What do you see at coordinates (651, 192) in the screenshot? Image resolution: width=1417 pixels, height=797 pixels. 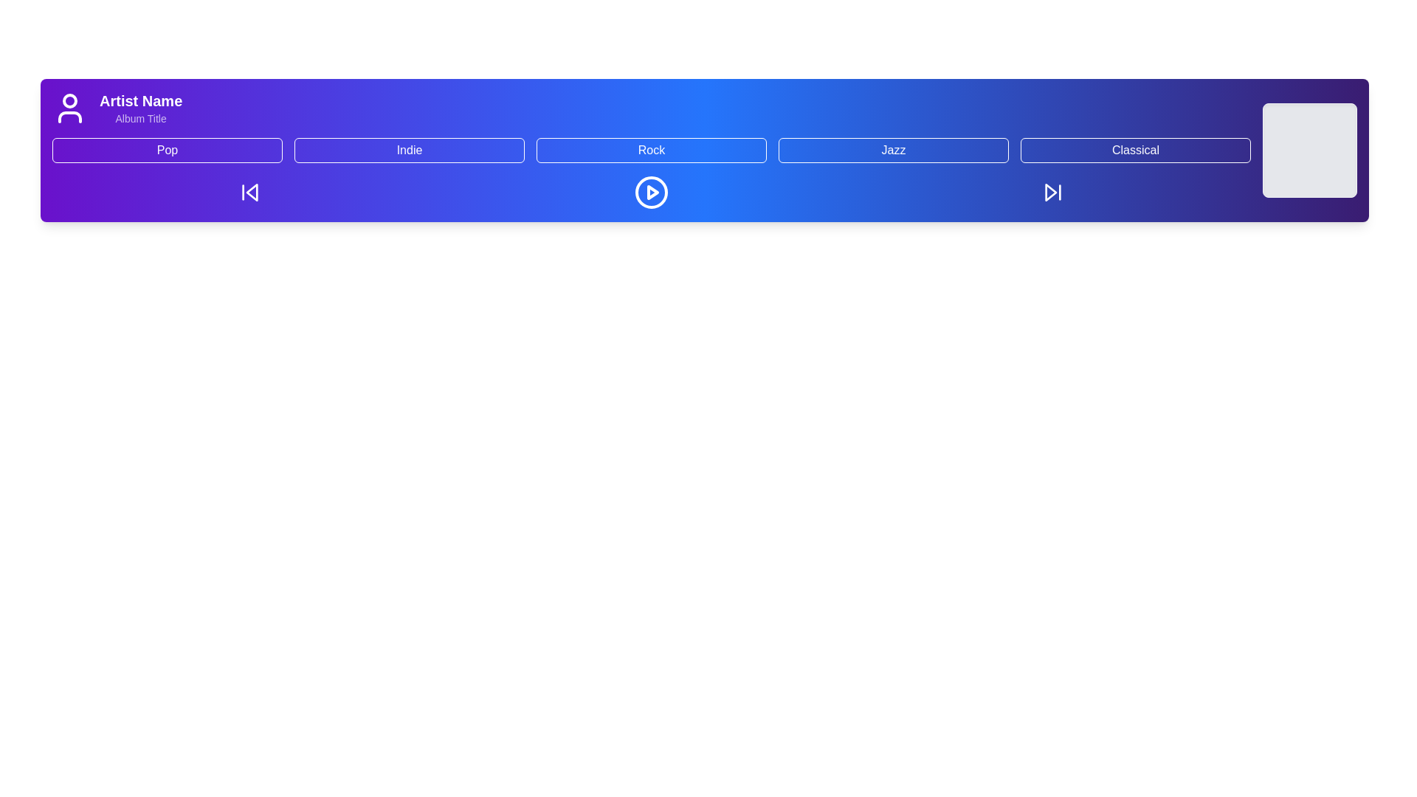 I see `the circular play button with a white outline and blue background` at bounding box center [651, 192].